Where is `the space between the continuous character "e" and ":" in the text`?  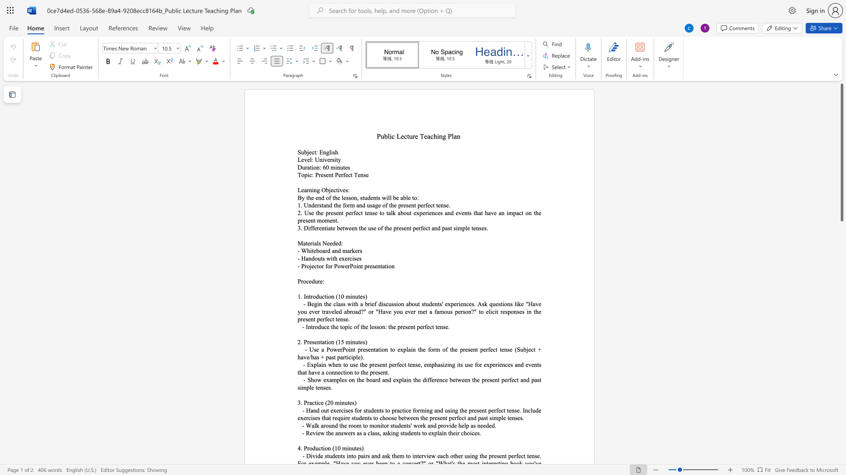
the space between the continuous character "e" and ":" in the text is located at coordinates (322, 281).